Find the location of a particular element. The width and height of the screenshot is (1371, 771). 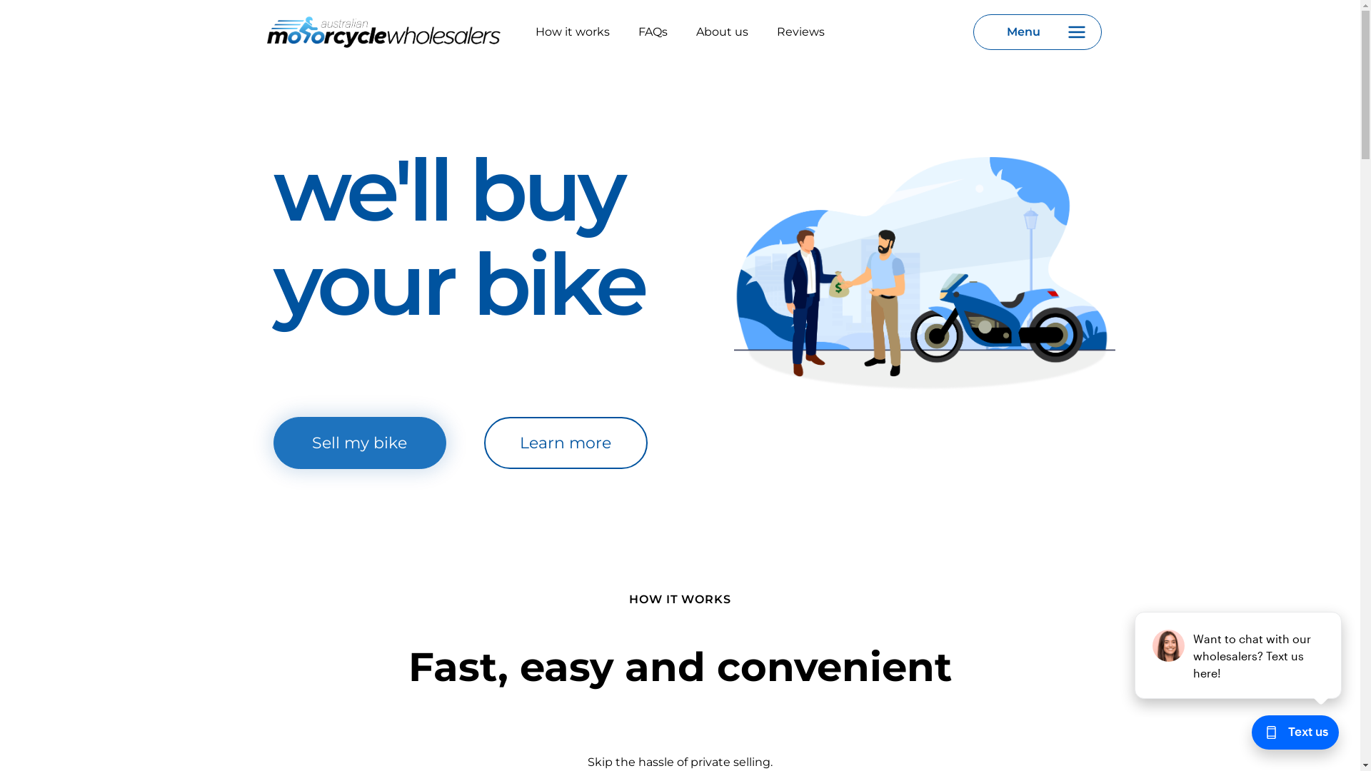

'podium webchat widget prompt' is located at coordinates (1237, 655).